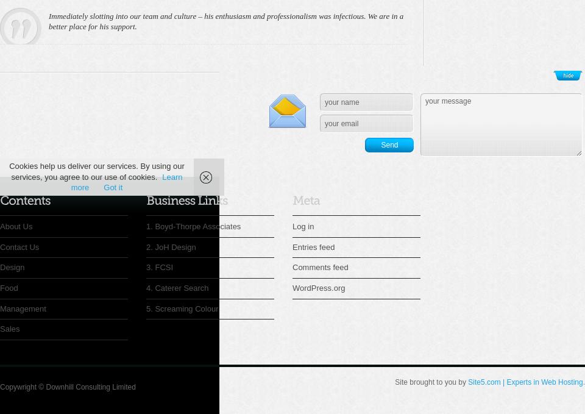 This screenshot has width=585, height=414. Describe the element at coordinates (96, 171) in the screenshot. I see `'Cookies help us deliver our services. By using our services, you agree to our use of cookies.'` at that location.